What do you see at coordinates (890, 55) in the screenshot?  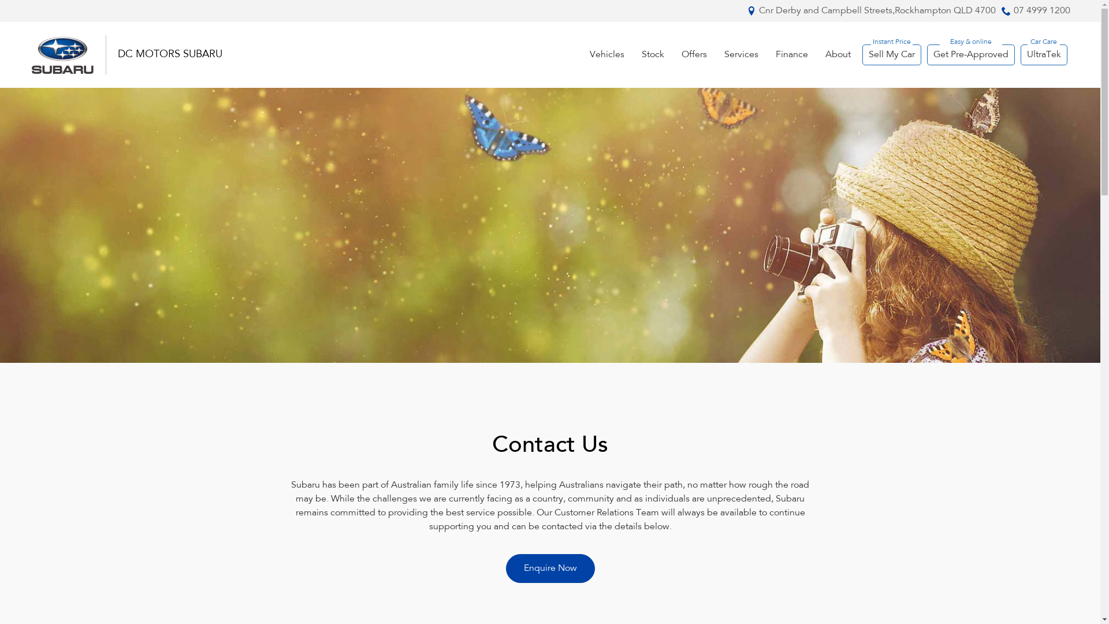 I see `'Sell My Car'` at bounding box center [890, 55].